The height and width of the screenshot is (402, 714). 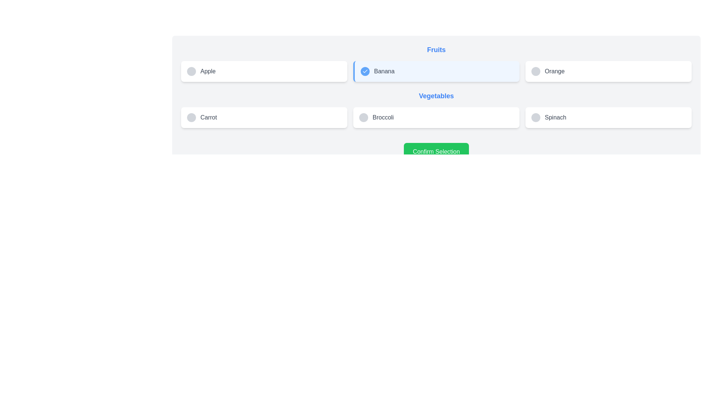 What do you see at coordinates (535, 117) in the screenshot?
I see `the 'Spinach' radio button located inside the 'Vegetables' section` at bounding box center [535, 117].